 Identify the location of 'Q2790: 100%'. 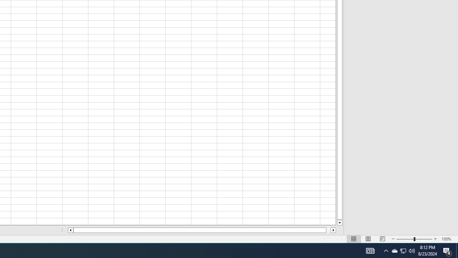
(447, 250).